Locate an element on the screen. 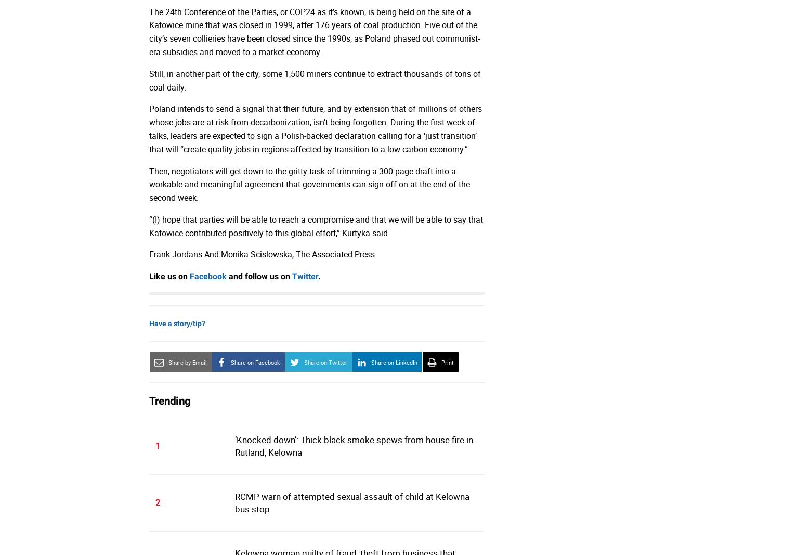 This screenshot has width=797, height=555. 'Then, negotiators will get down to the gritty task of trimming a 300-page draft into a workable and meaningful agreement that governments can sign off on at the end of the second week.' is located at coordinates (308, 184).